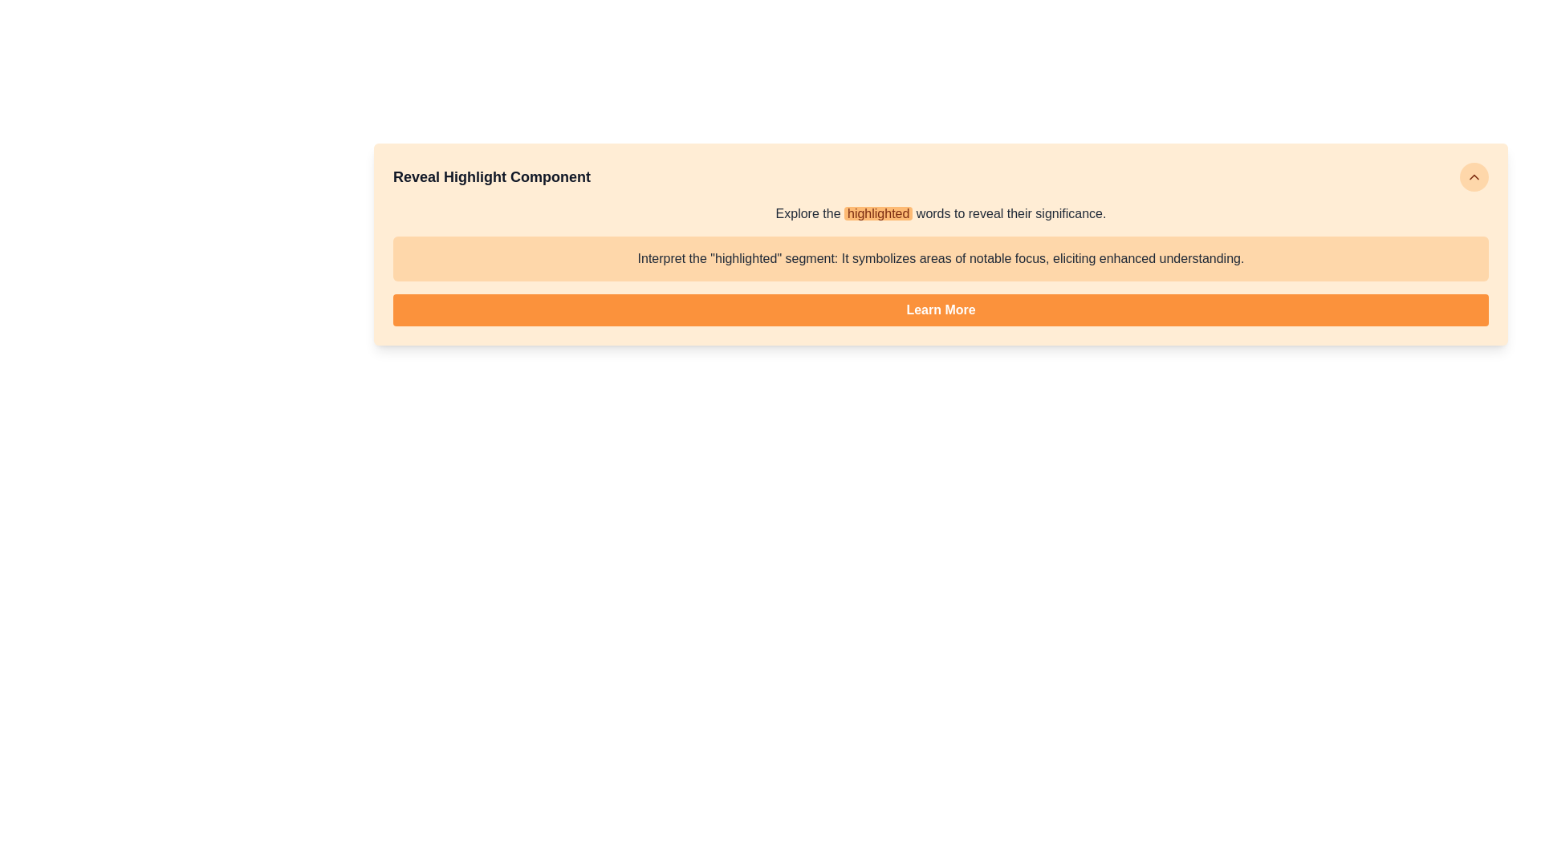 The image size is (1541, 866). Describe the element at coordinates (1474, 176) in the screenshot. I see `the chevron icon located in the circular button at the top-right corner of the orange-highlighted section` at that location.